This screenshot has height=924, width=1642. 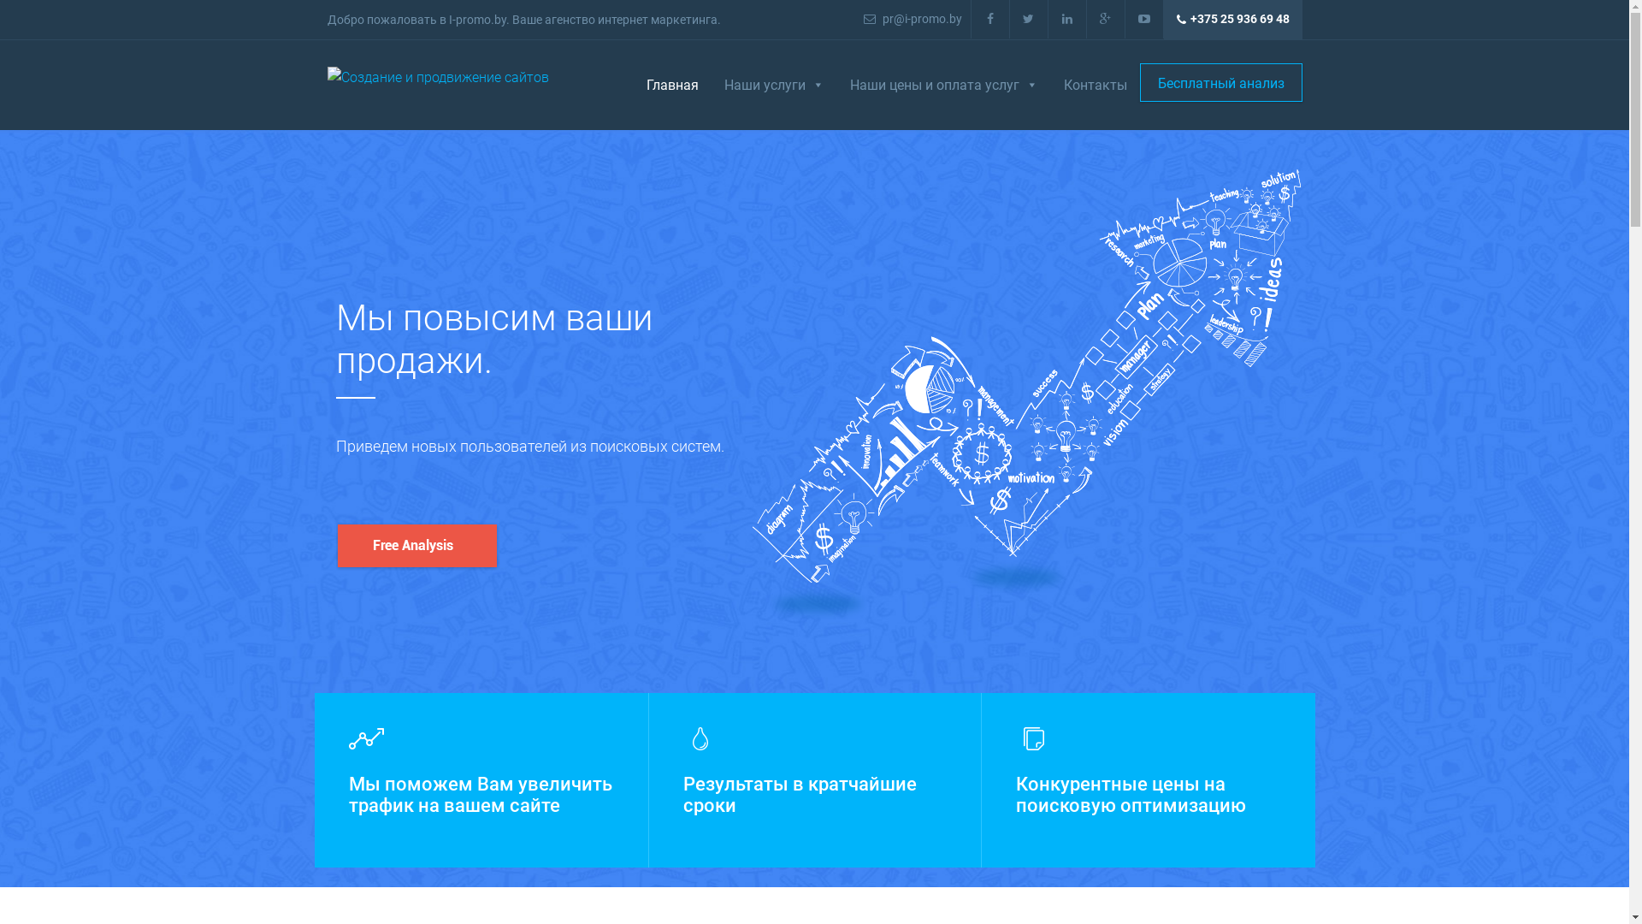 What do you see at coordinates (990, 19) in the screenshot?
I see `'facebook'` at bounding box center [990, 19].